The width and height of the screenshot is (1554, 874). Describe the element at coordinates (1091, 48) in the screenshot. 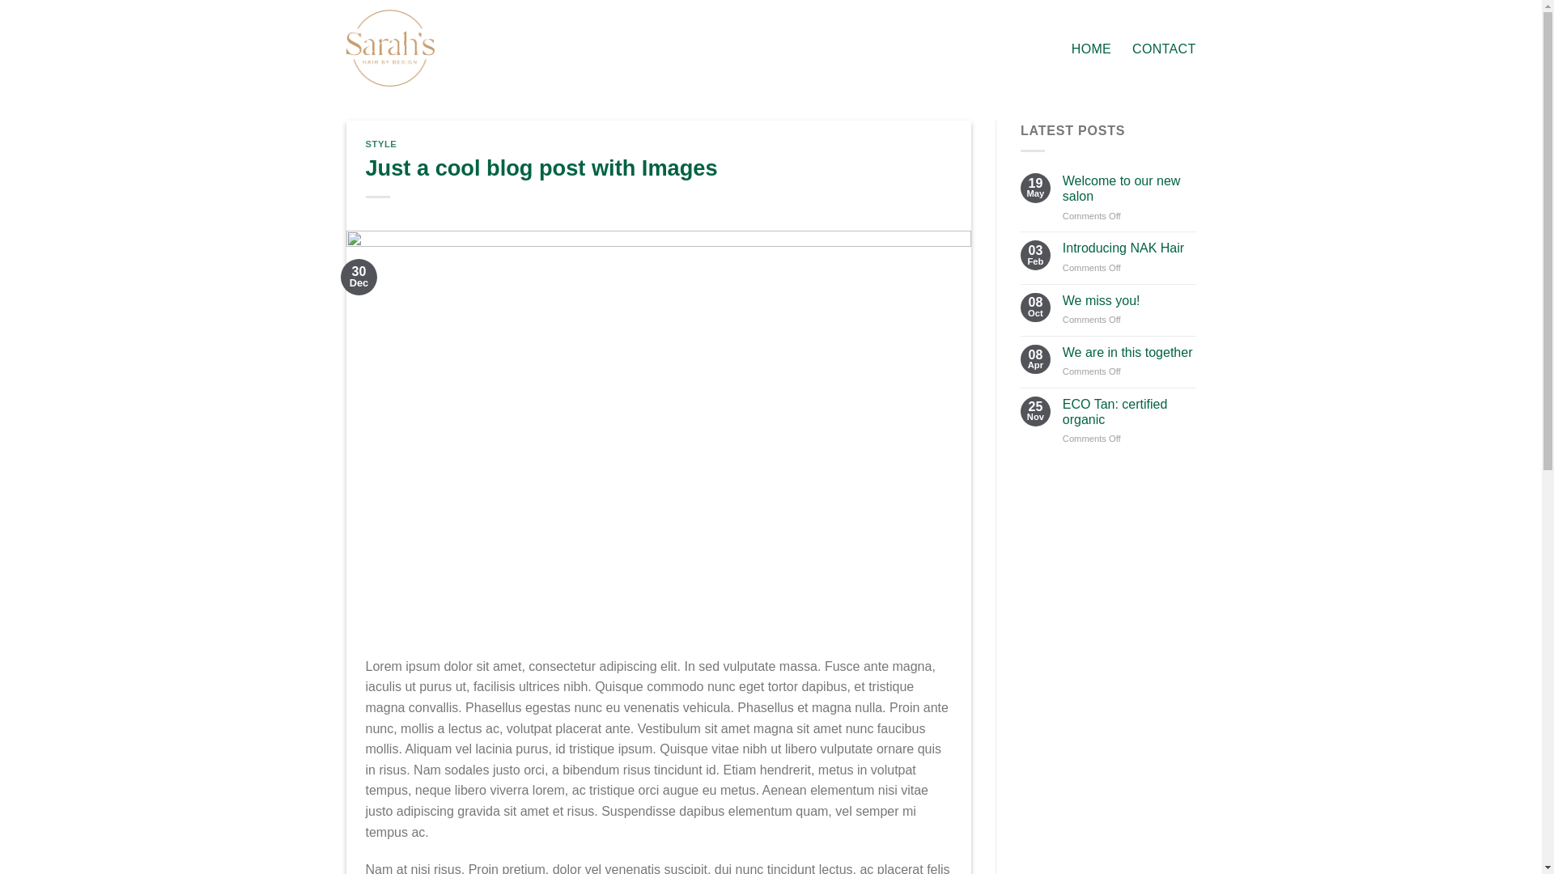

I see `'HOME'` at that location.